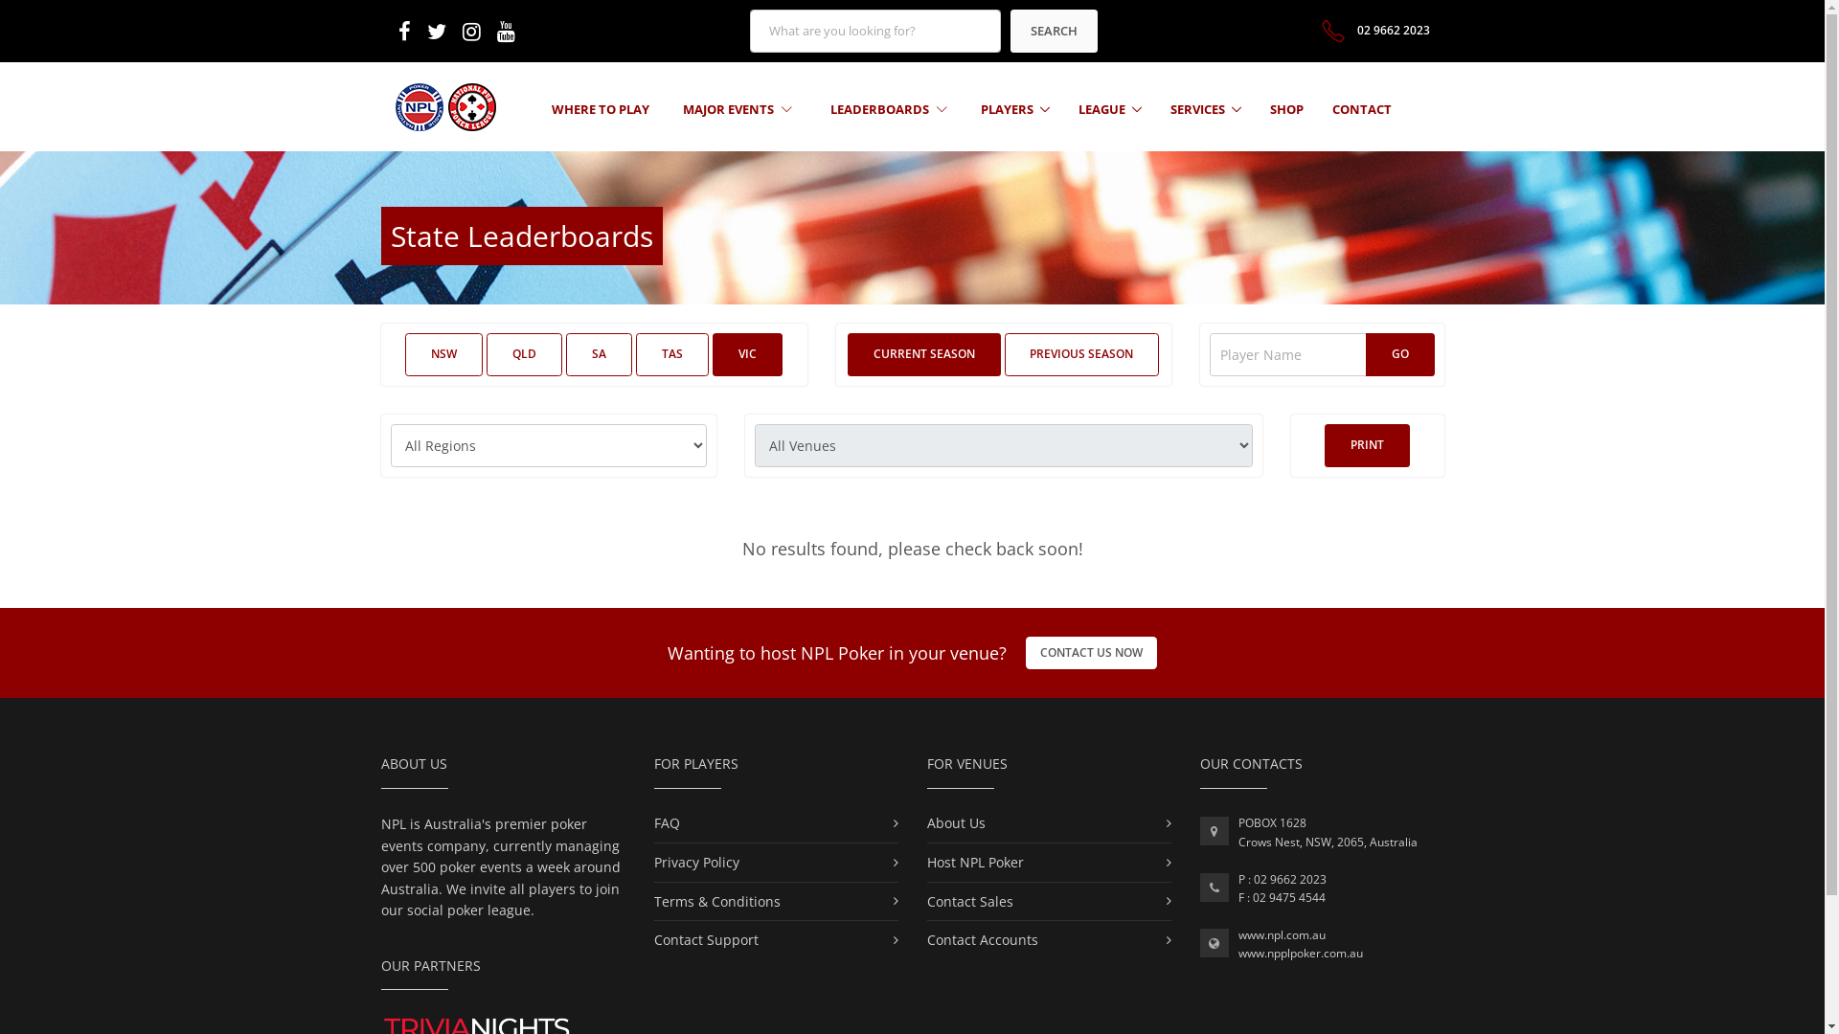 The height and width of the screenshot is (1034, 1839). Describe the element at coordinates (1400, 354) in the screenshot. I see `'Go'` at that location.